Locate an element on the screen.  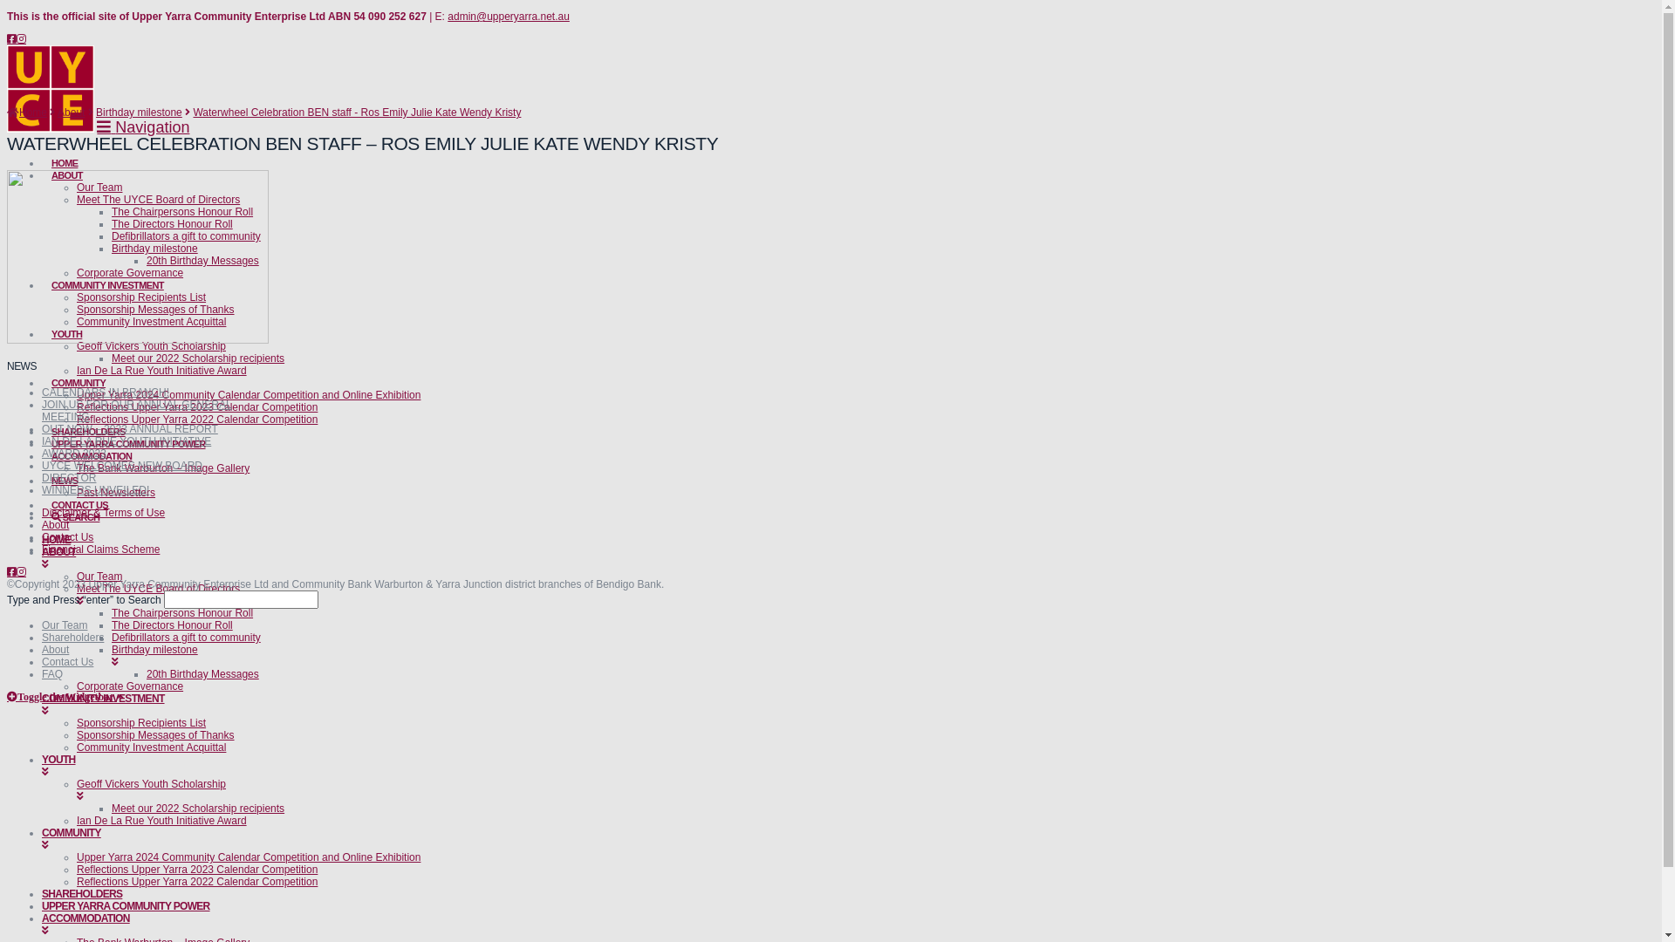
'UYCE WELCOMES NEW BOARD DIRECTOR' is located at coordinates (42, 471).